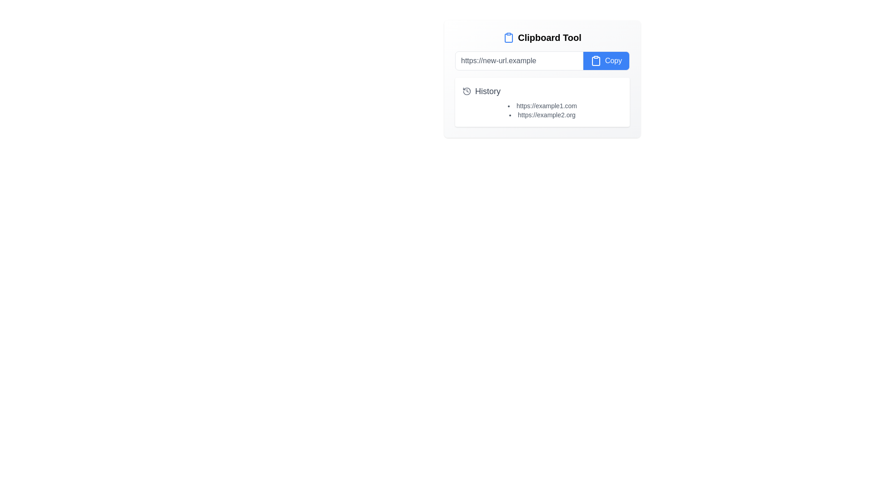 This screenshot has height=491, width=873. What do you see at coordinates (606, 61) in the screenshot?
I see `the blue 'Copy' button with a clipboard icon to observe any hover effects` at bounding box center [606, 61].